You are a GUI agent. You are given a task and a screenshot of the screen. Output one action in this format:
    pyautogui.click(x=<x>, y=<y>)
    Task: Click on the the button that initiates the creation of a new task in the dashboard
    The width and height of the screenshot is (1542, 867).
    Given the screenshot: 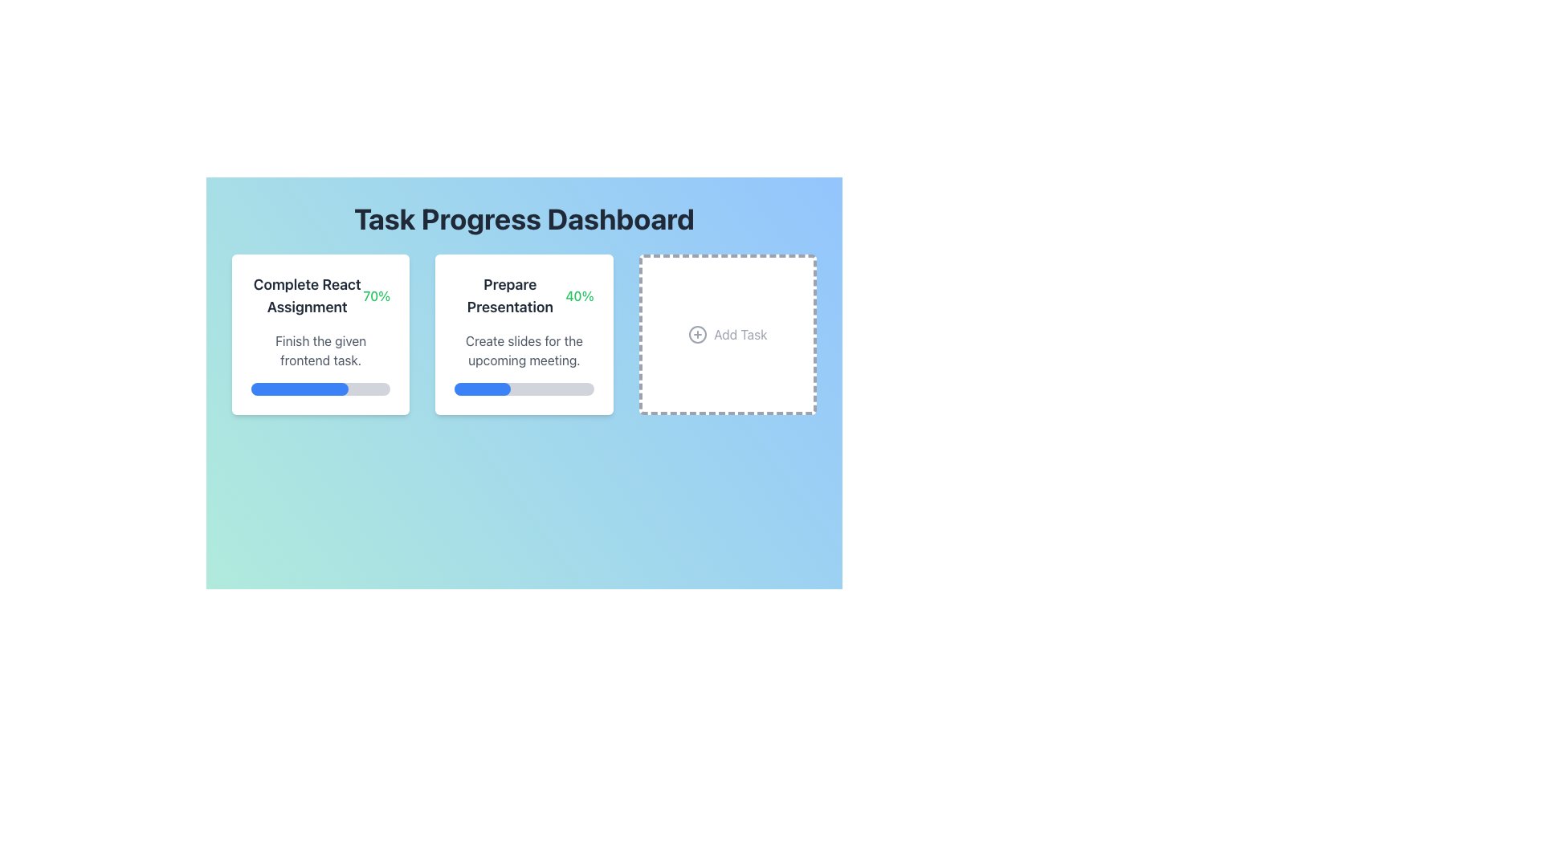 What is the action you would take?
    pyautogui.click(x=727, y=333)
    